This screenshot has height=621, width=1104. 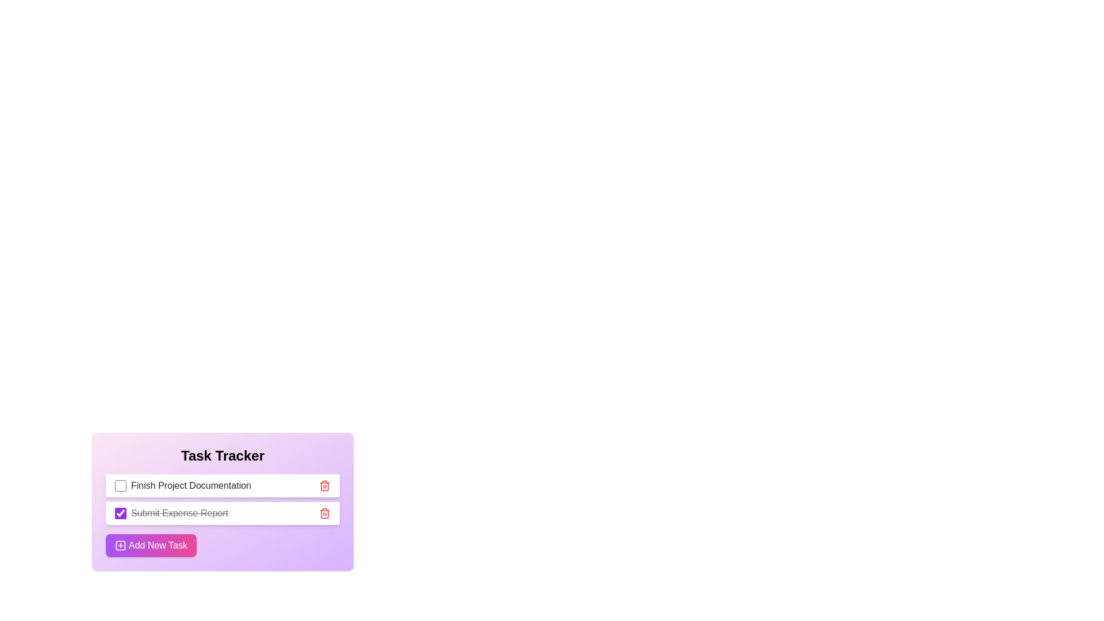 I want to click on the trashcan icon button, which is styled in red and signifies a delete function, located at the far-right end of the 'Submit Expense Report' task entry, so click(x=324, y=513).